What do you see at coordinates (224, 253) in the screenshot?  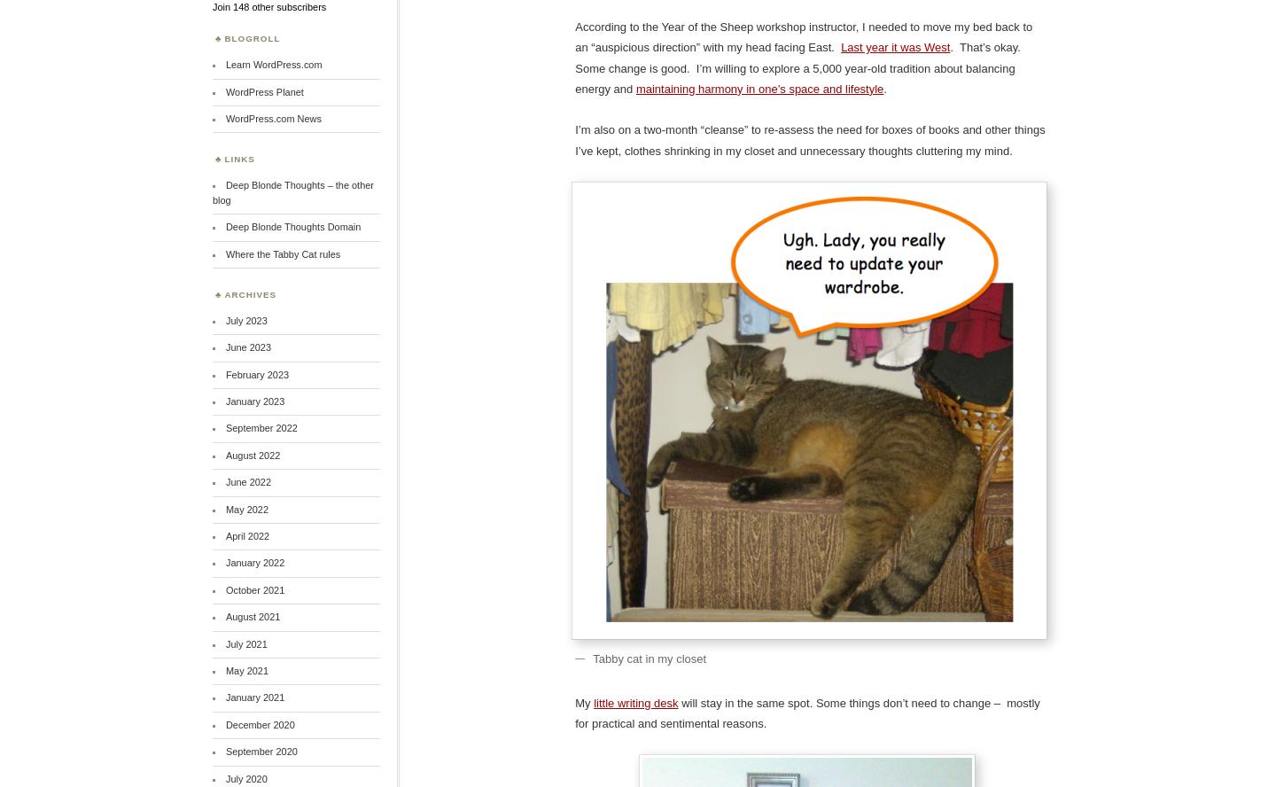 I see `'Where the Tabby Cat rules'` at bounding box center [224, 253].